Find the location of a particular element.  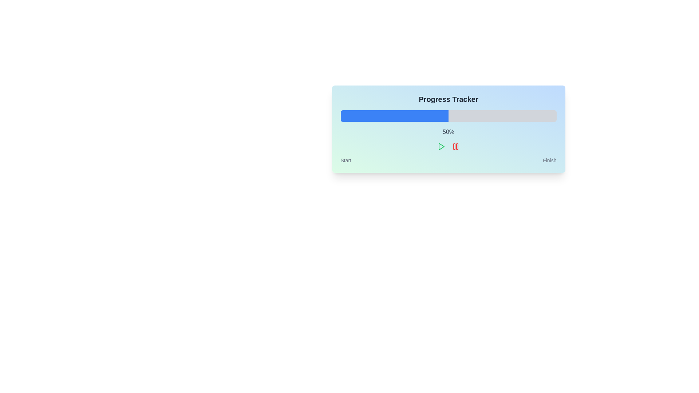

the percentage progress text located centrally beneath the progress bar in the 'Progress Tracker' component is located at coordinates (448, 132).